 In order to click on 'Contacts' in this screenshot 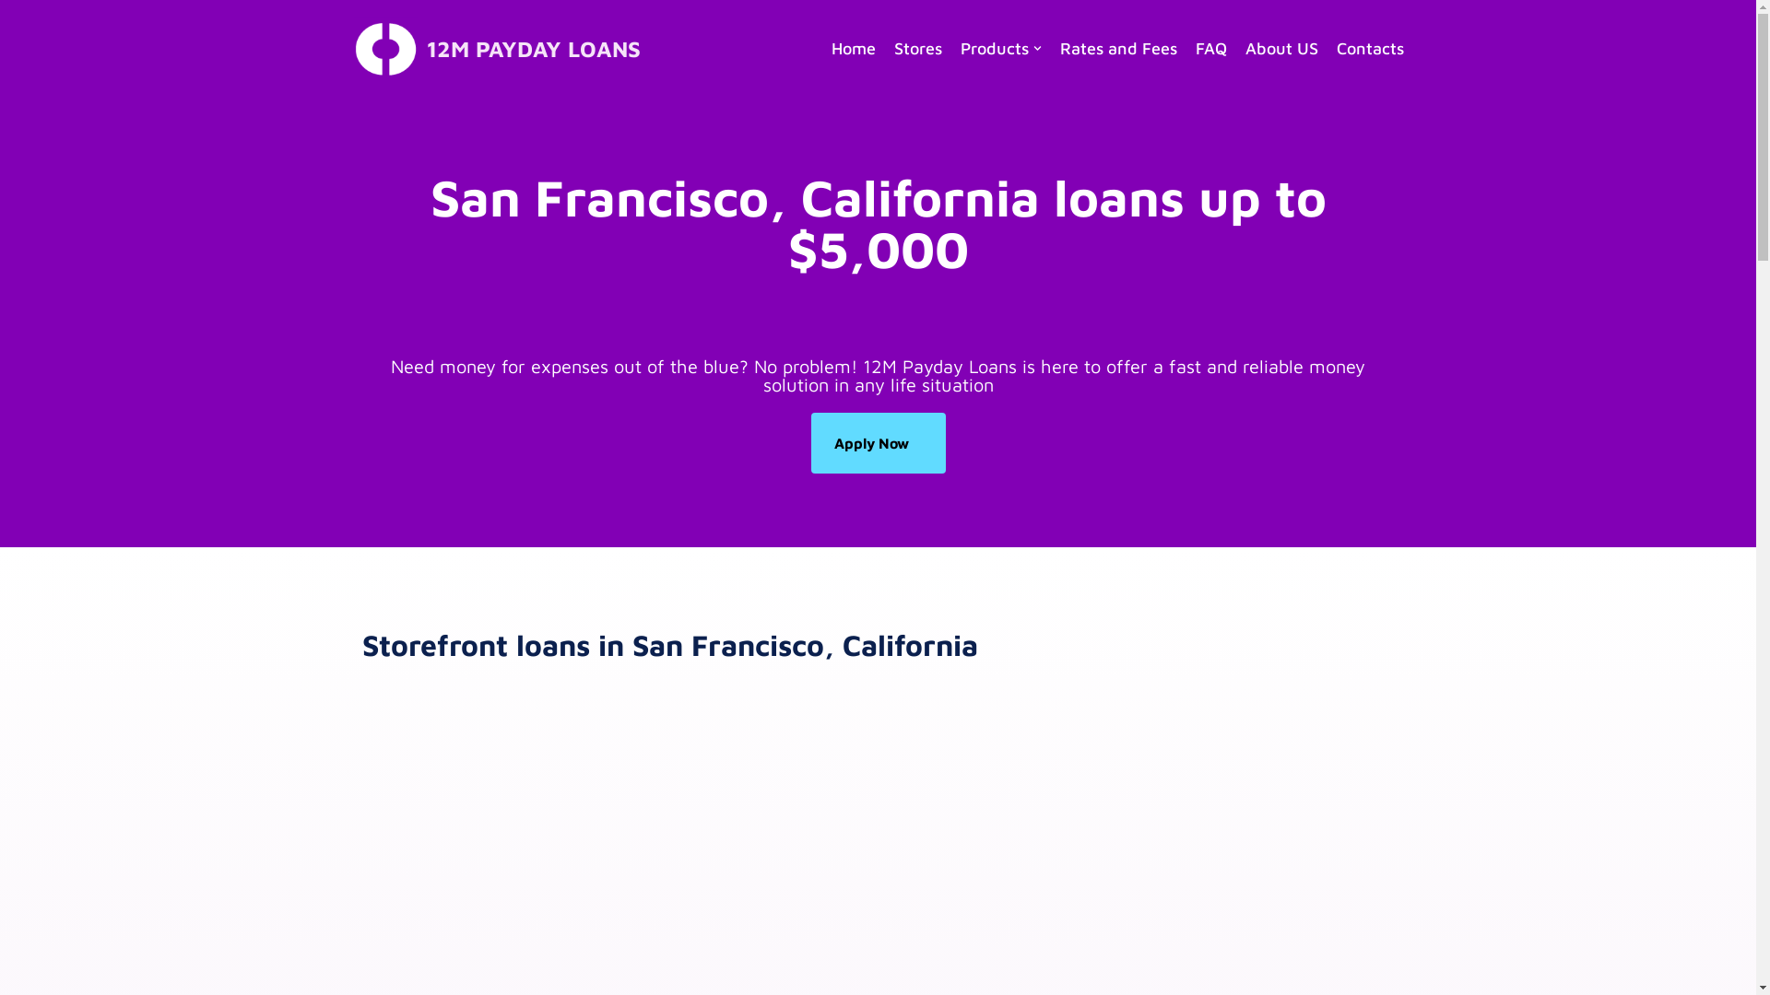, I will do `click(1370, 48)`.